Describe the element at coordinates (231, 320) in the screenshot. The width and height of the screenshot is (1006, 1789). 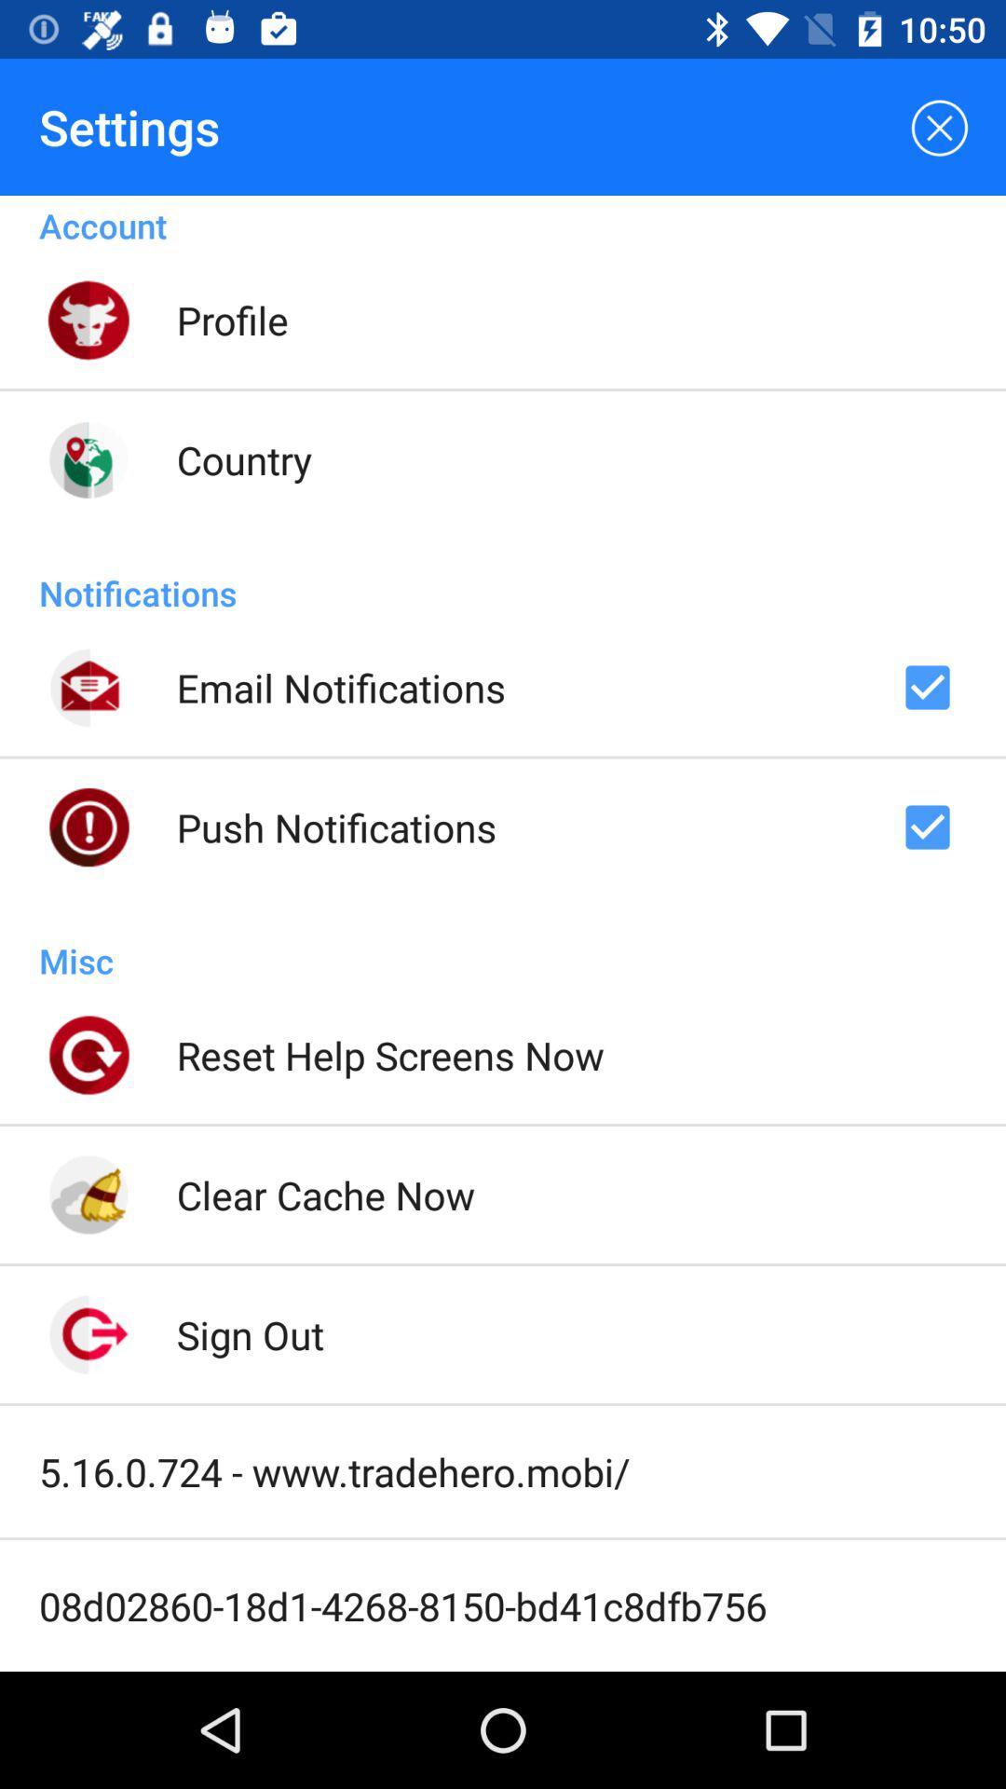
I see `the profile` at that location.